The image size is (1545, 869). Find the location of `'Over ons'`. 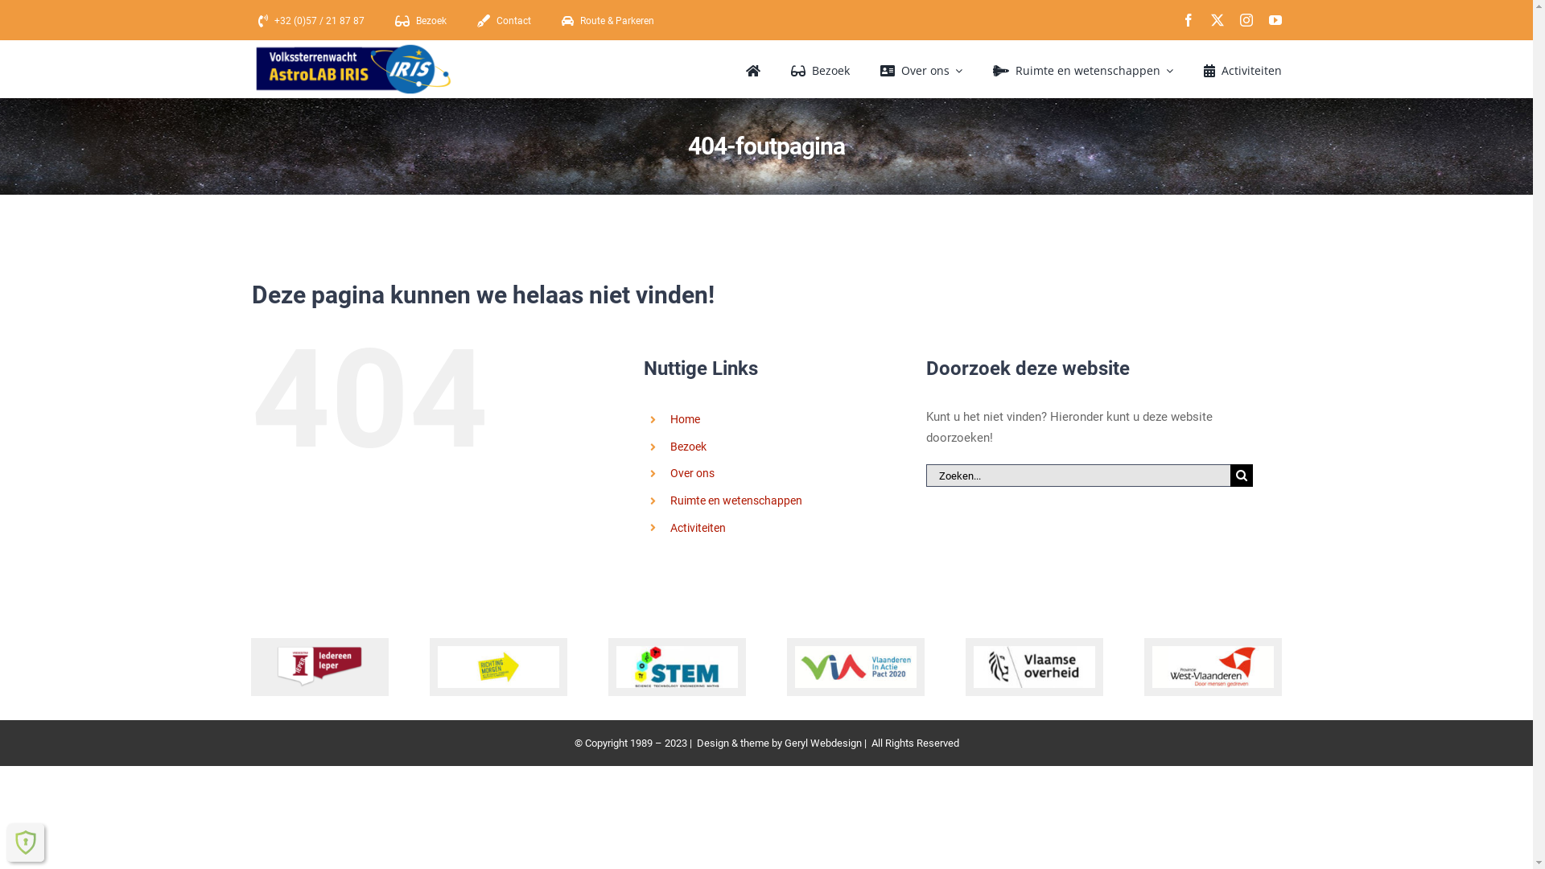

'Over ons' is located at coordinates (692, 472).